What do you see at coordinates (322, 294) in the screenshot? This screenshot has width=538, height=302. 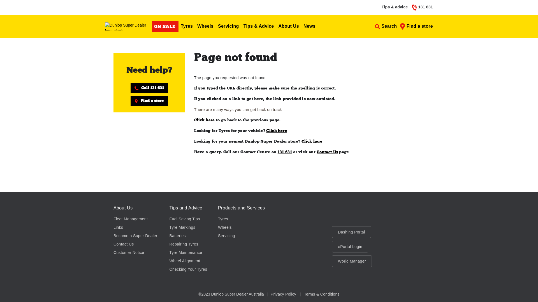 I see `'Terms & Conditions'` at bounding box center [322, 294].